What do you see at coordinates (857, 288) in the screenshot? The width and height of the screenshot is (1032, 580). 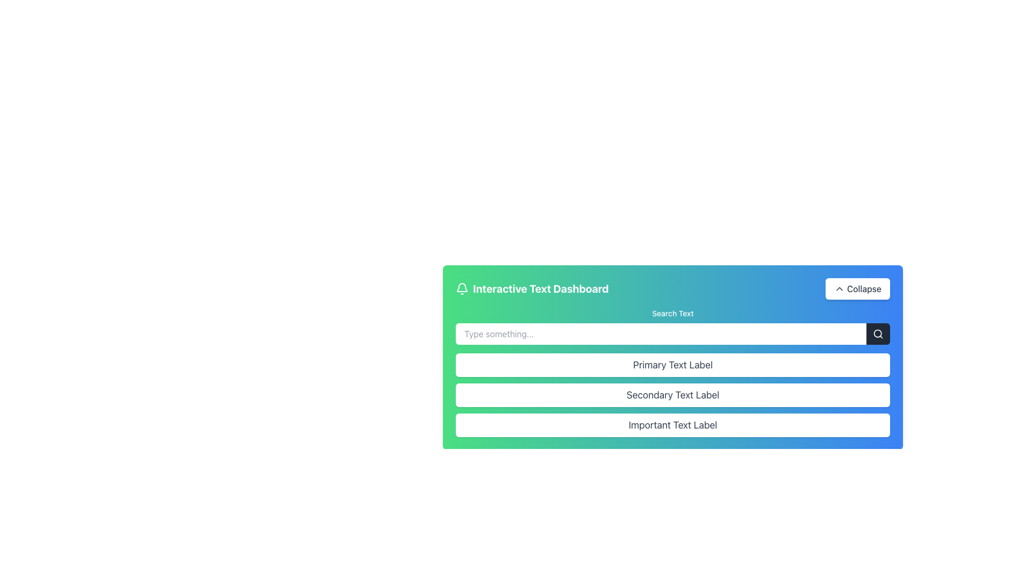 I see `the collapse button located at the top-right corner of the interface, next to 'Interactive Text Dashboard'` at bounding box center [857, 288].